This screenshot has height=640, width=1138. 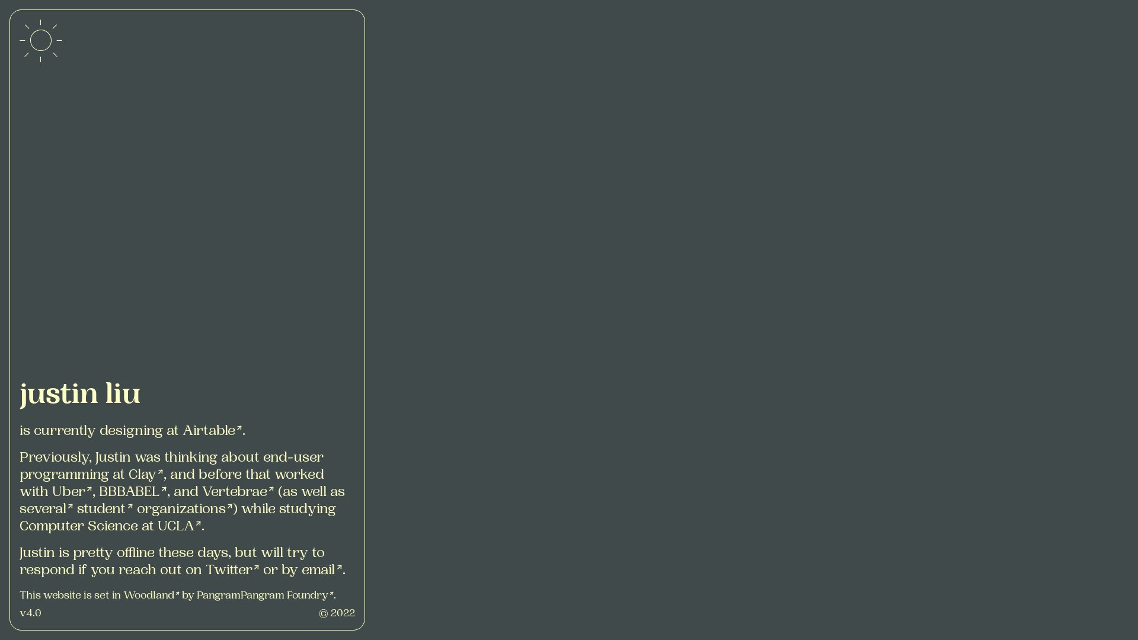 I want to click on 'email', so click(x=321, y=571).